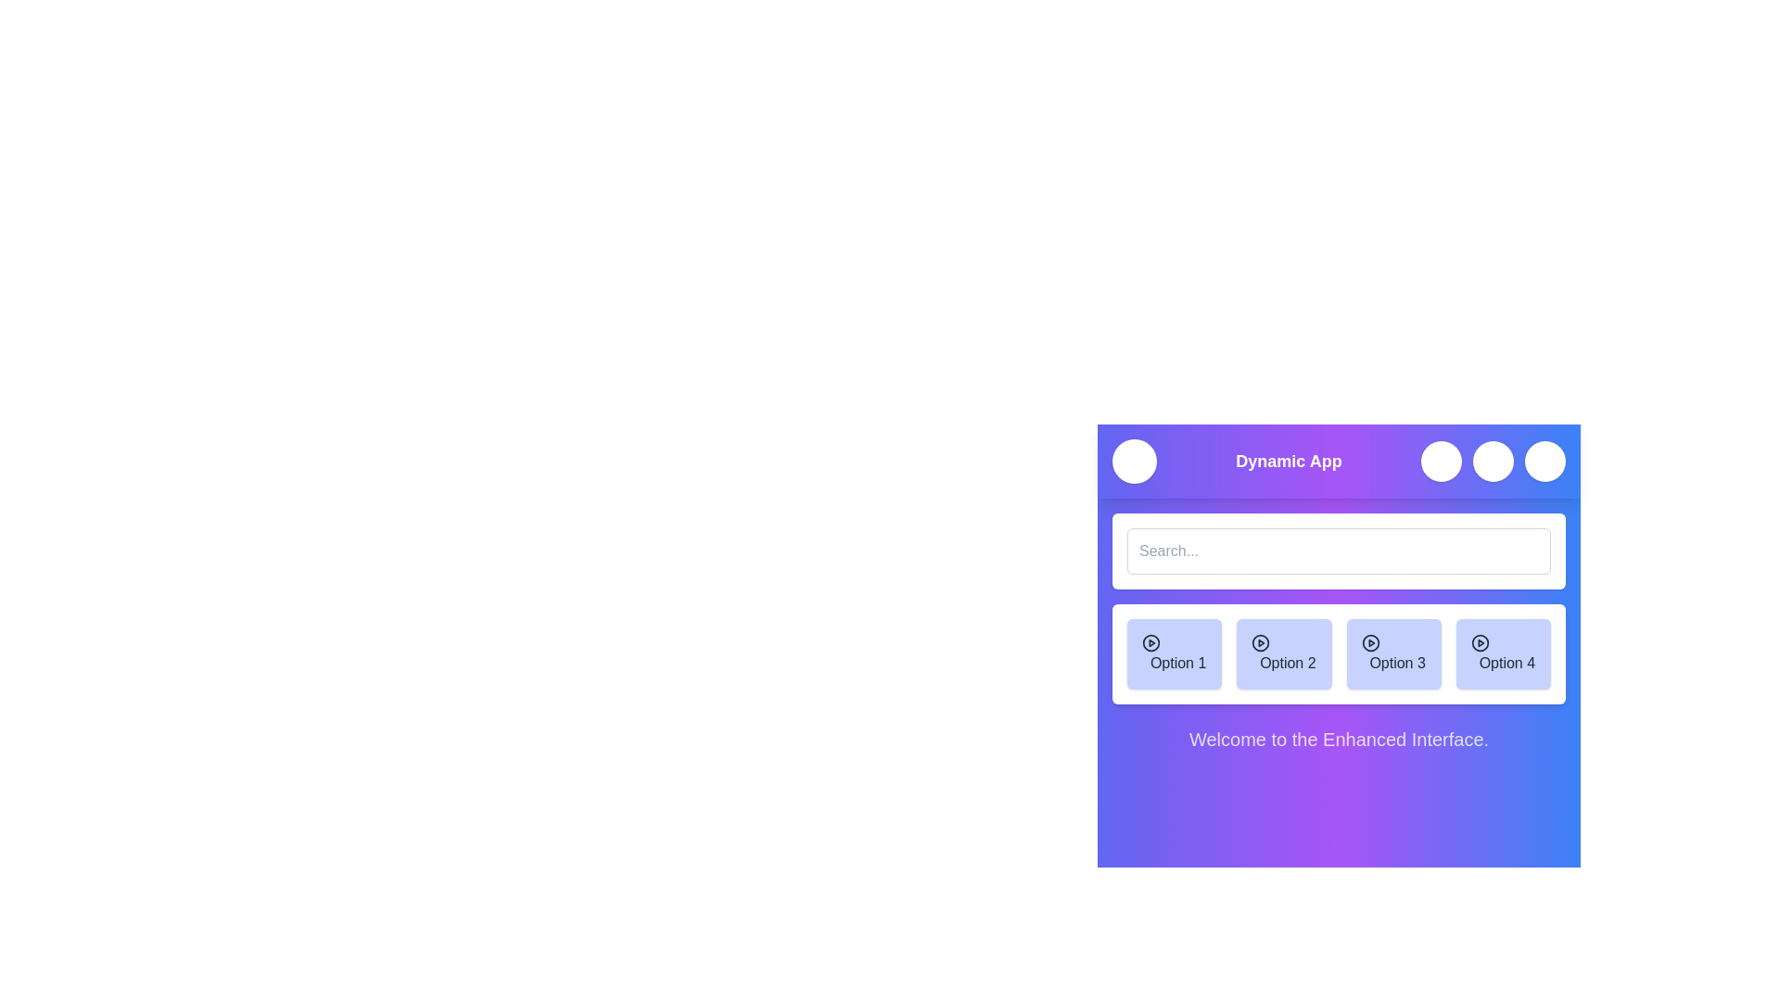 Image resolution: width=1780 pixels, height=1001 pixels. What do you see at coordinates (1393, 653) in the screenshot?
I see `the menu option Option 3 to select it` at bounding box center [1393, 653].